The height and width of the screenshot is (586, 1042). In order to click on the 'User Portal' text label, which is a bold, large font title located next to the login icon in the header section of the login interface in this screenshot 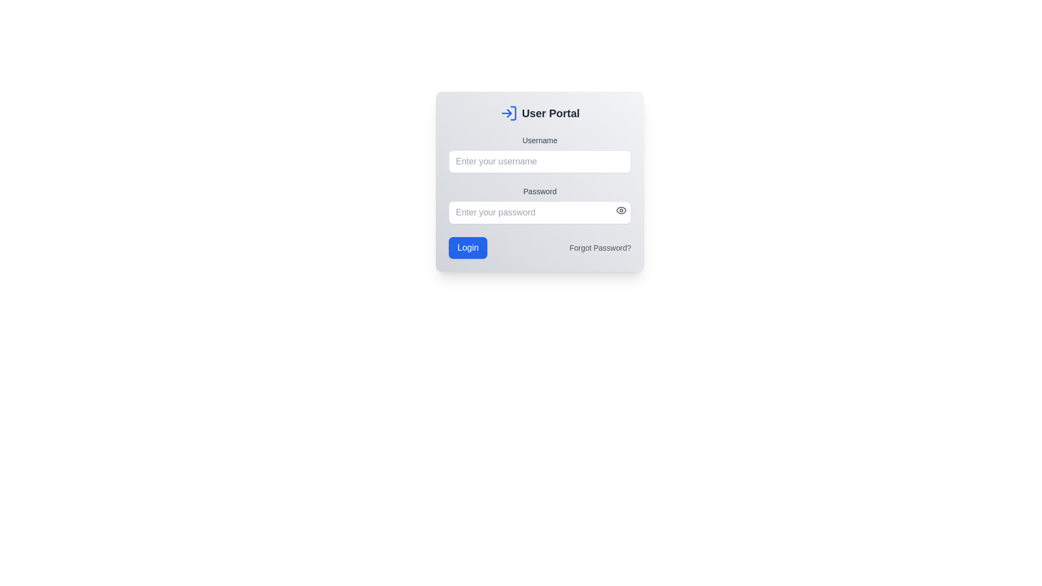, I will do `click(550, 113)`.